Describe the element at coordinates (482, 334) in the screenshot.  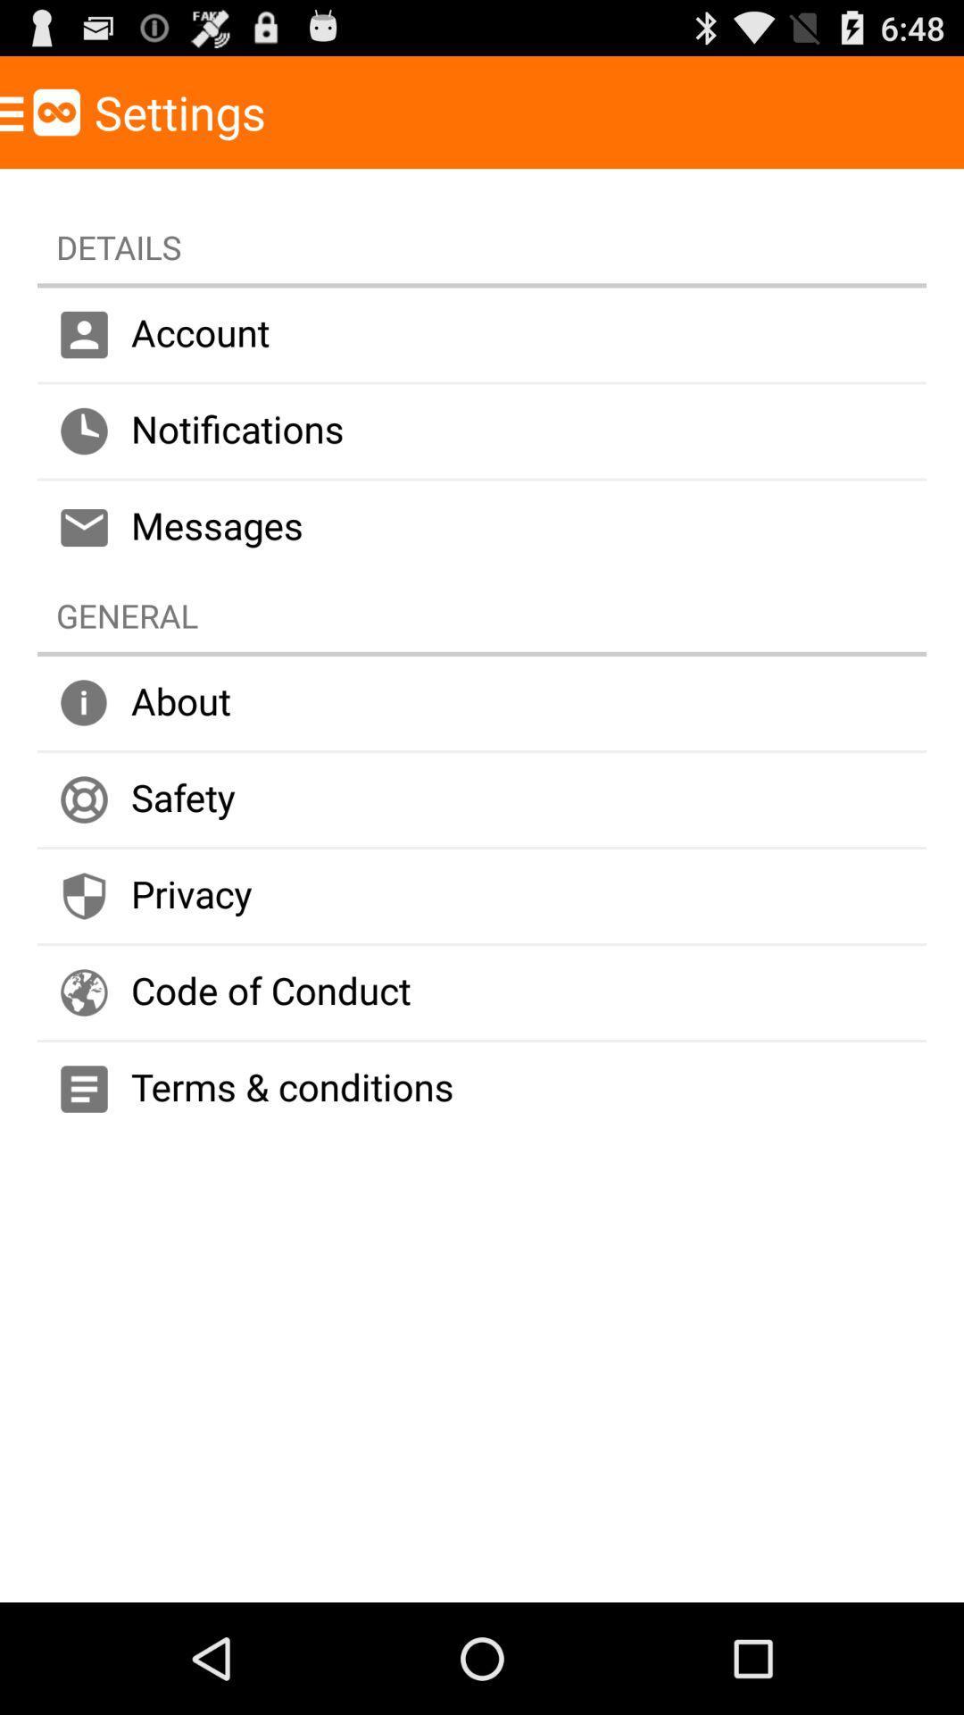
I see `icon above notifications icon` at that location.